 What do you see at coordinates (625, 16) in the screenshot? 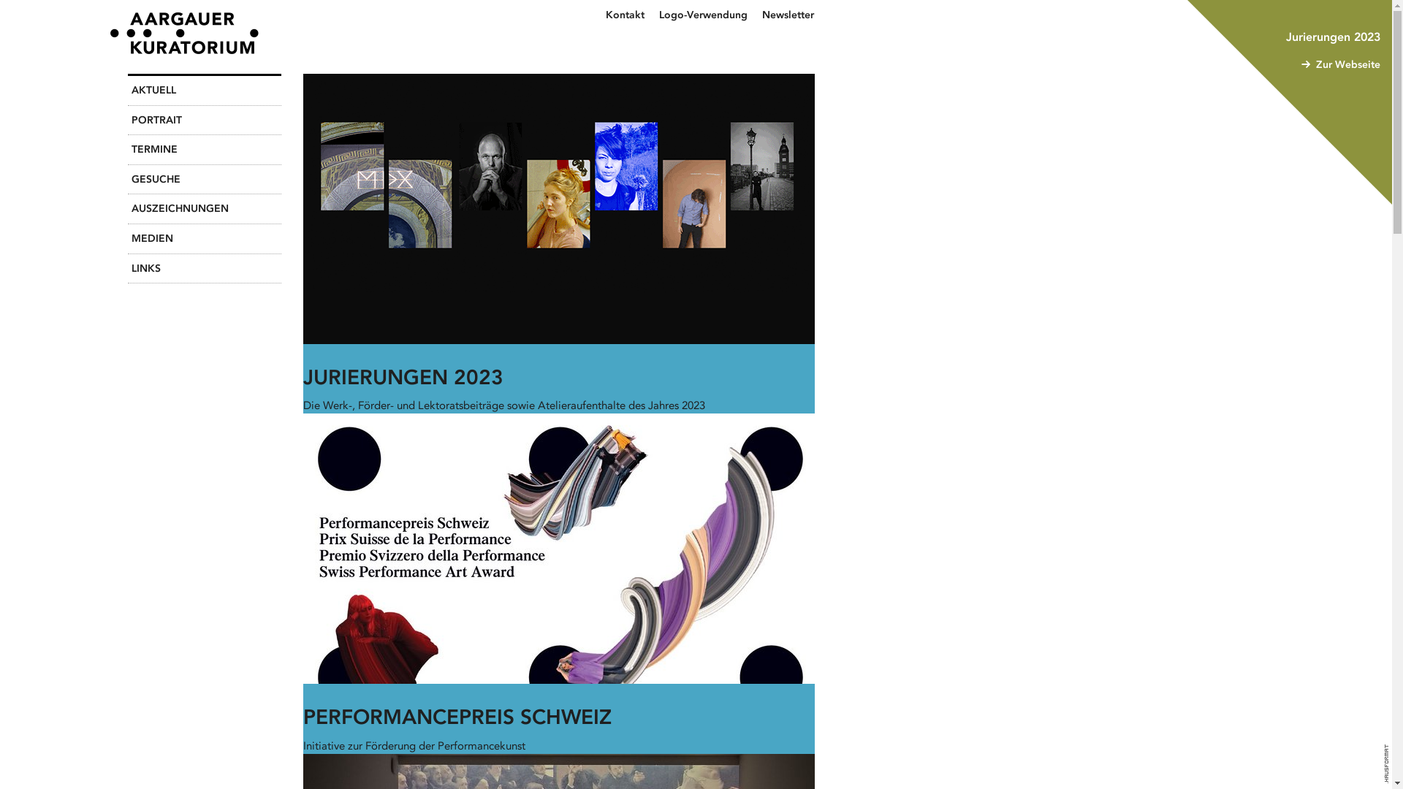
I see `'Kontakt'` at bounding box center [625, 16].